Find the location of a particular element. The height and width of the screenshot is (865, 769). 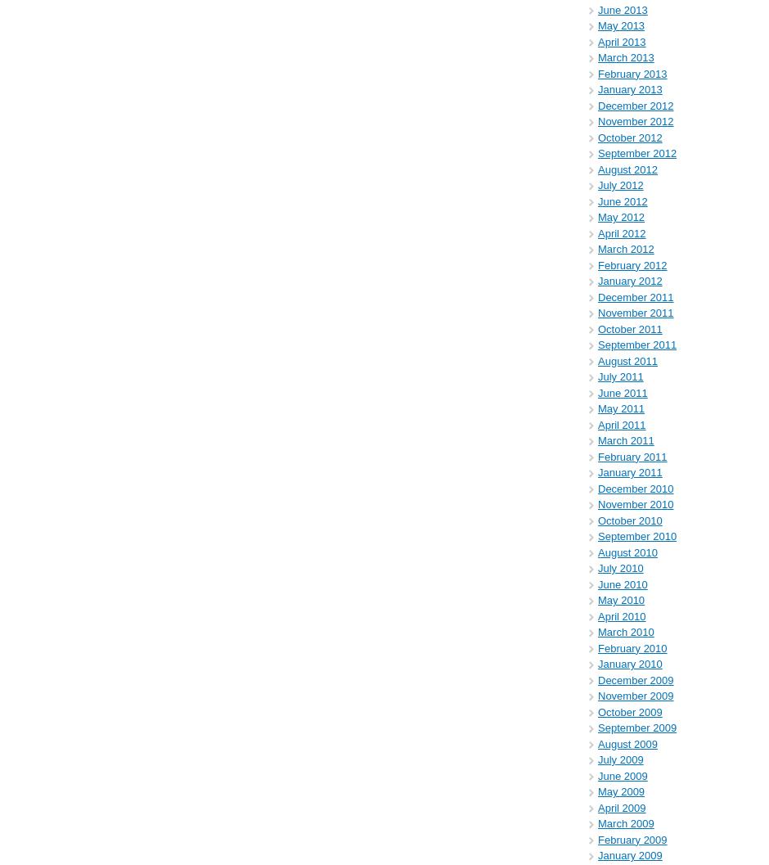

'April 2010' is located at coordinates (620, 615).